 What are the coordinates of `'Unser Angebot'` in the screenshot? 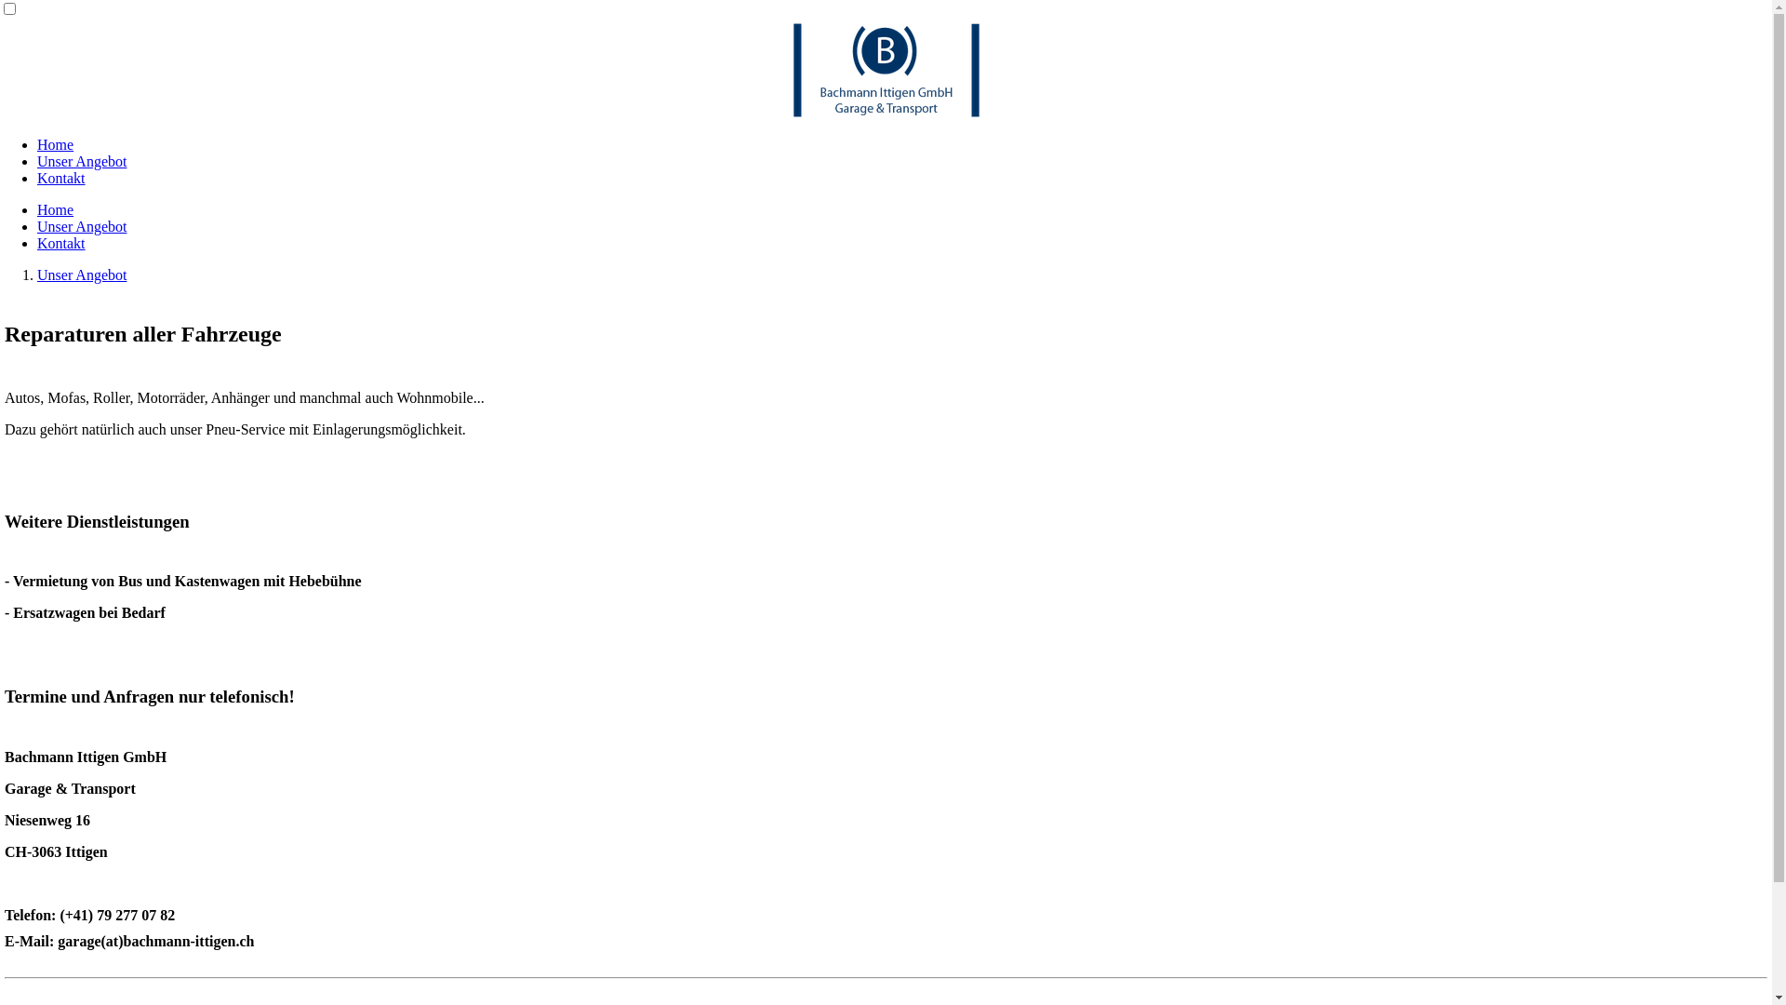 It's located at (80, 225).